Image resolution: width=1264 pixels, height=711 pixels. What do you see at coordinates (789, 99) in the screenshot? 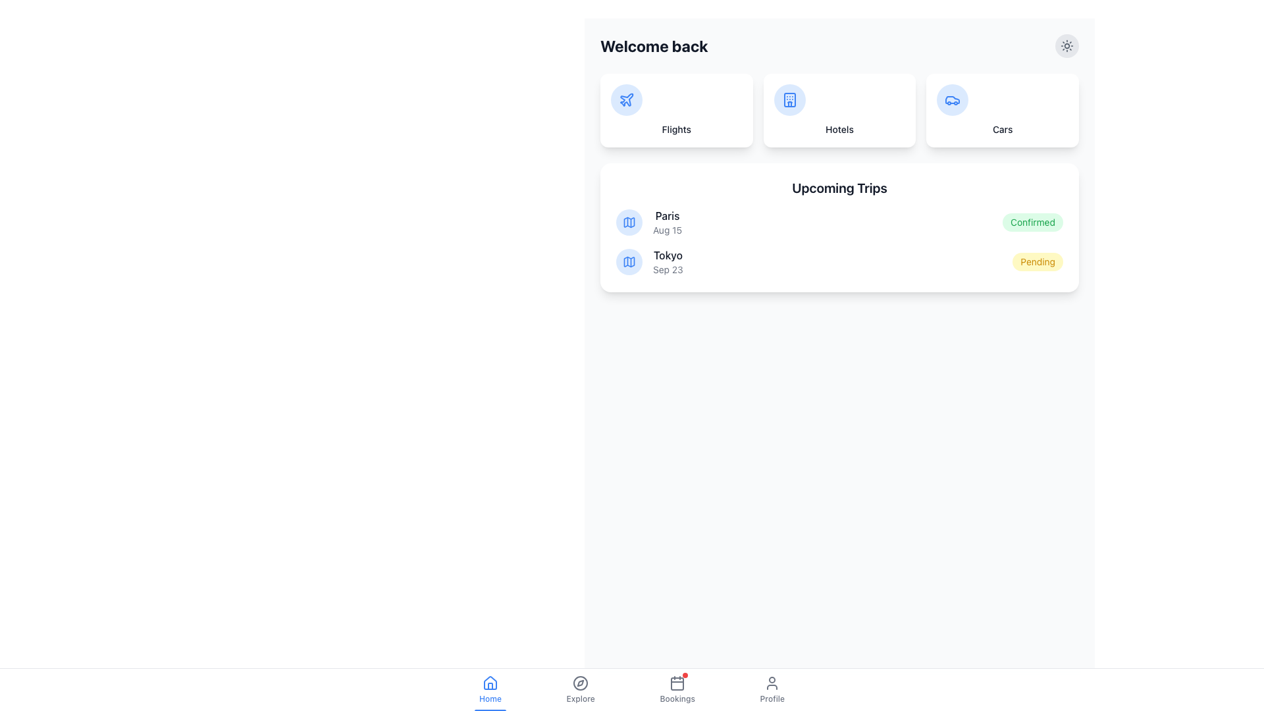
I see `the circular blue icon containing the SVG hotel icon, located within the 'Hotels' card at the top-center section of the display` at bounding box center [789, 99].